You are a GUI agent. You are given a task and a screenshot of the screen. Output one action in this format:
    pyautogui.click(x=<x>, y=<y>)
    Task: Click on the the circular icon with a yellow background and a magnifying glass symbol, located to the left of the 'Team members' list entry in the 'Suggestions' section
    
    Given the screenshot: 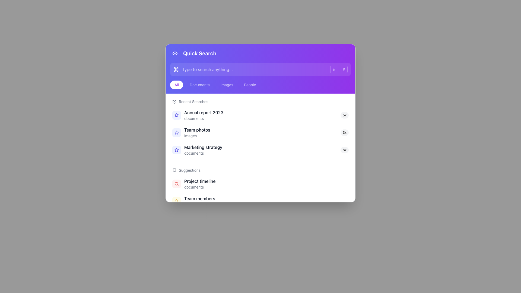 What is the action you would take?
    pyautogui.click(x=177, y=201)
    